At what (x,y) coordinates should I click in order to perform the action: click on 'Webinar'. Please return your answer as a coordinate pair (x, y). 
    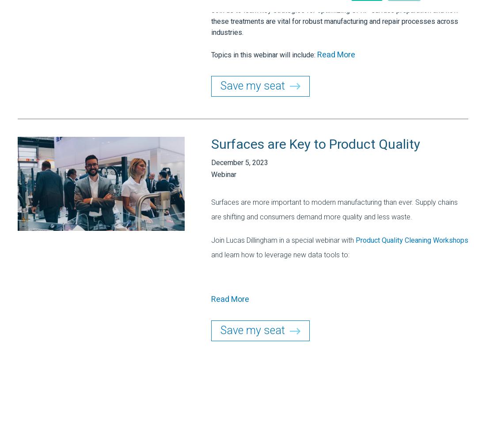
    Looking at the image, I should click on (224, 174).